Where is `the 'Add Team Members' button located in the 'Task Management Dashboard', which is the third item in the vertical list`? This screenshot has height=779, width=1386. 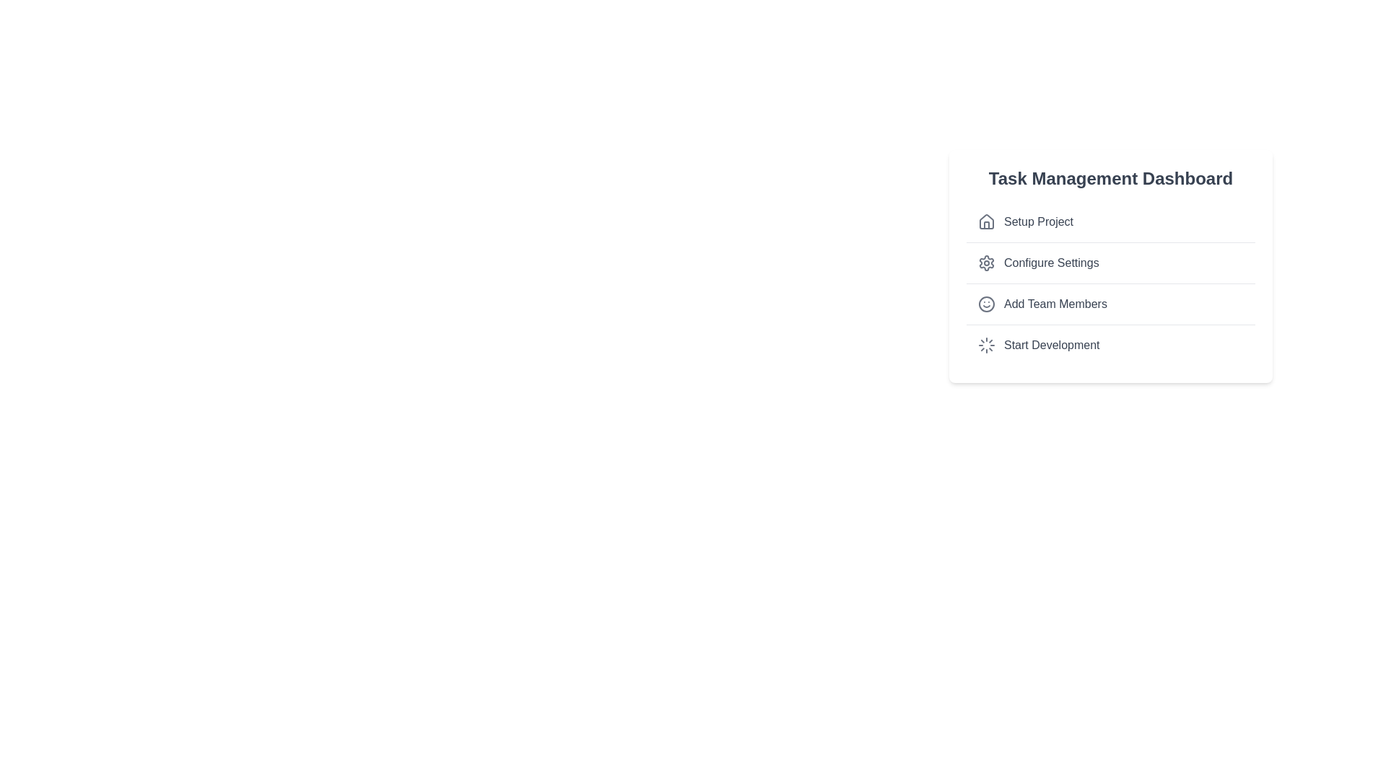
the 'Add Team Members' button located in the 'Task Management Dashboard', which is the third item in the vertical list is located at coordinates (1110, 303).